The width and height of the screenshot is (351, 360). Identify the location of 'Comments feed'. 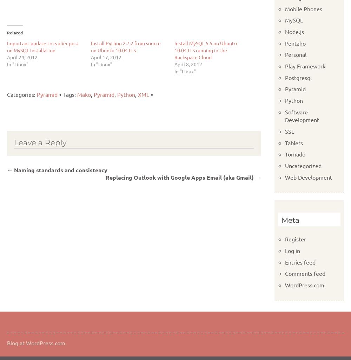
(304, 273).